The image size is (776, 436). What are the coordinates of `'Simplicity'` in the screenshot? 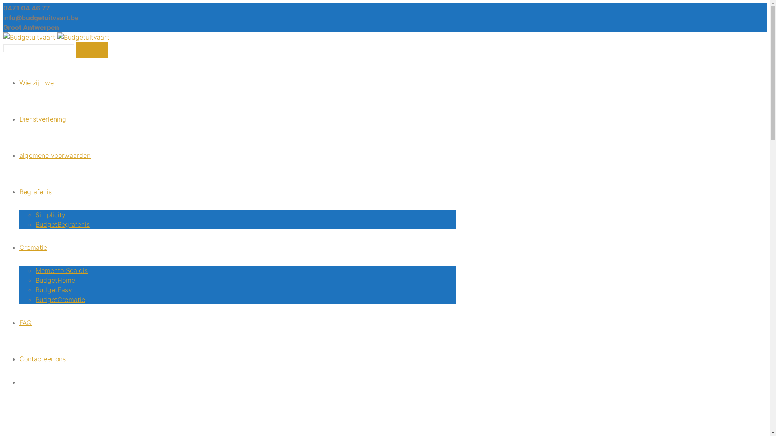 It's located at (50, 214).